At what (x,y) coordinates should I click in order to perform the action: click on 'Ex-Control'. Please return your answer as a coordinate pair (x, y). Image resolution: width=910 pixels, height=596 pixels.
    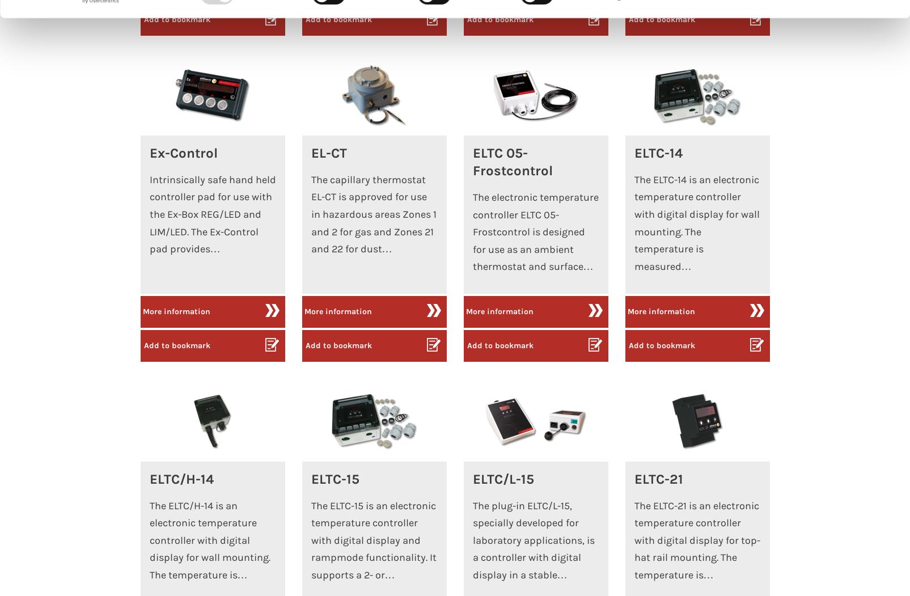
    Looking at the image, I should click on (149, 152).